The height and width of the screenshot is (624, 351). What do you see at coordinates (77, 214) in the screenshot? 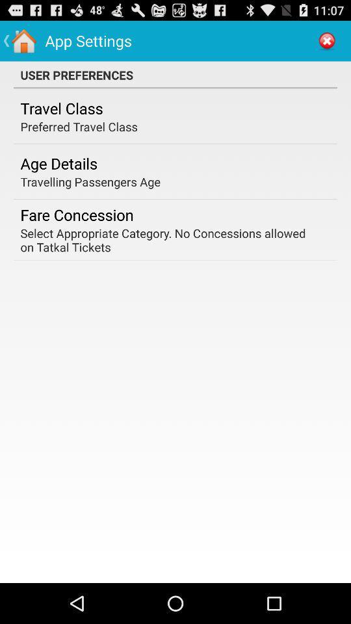
I see `the fare concession item` at bounding box center [77, 214].